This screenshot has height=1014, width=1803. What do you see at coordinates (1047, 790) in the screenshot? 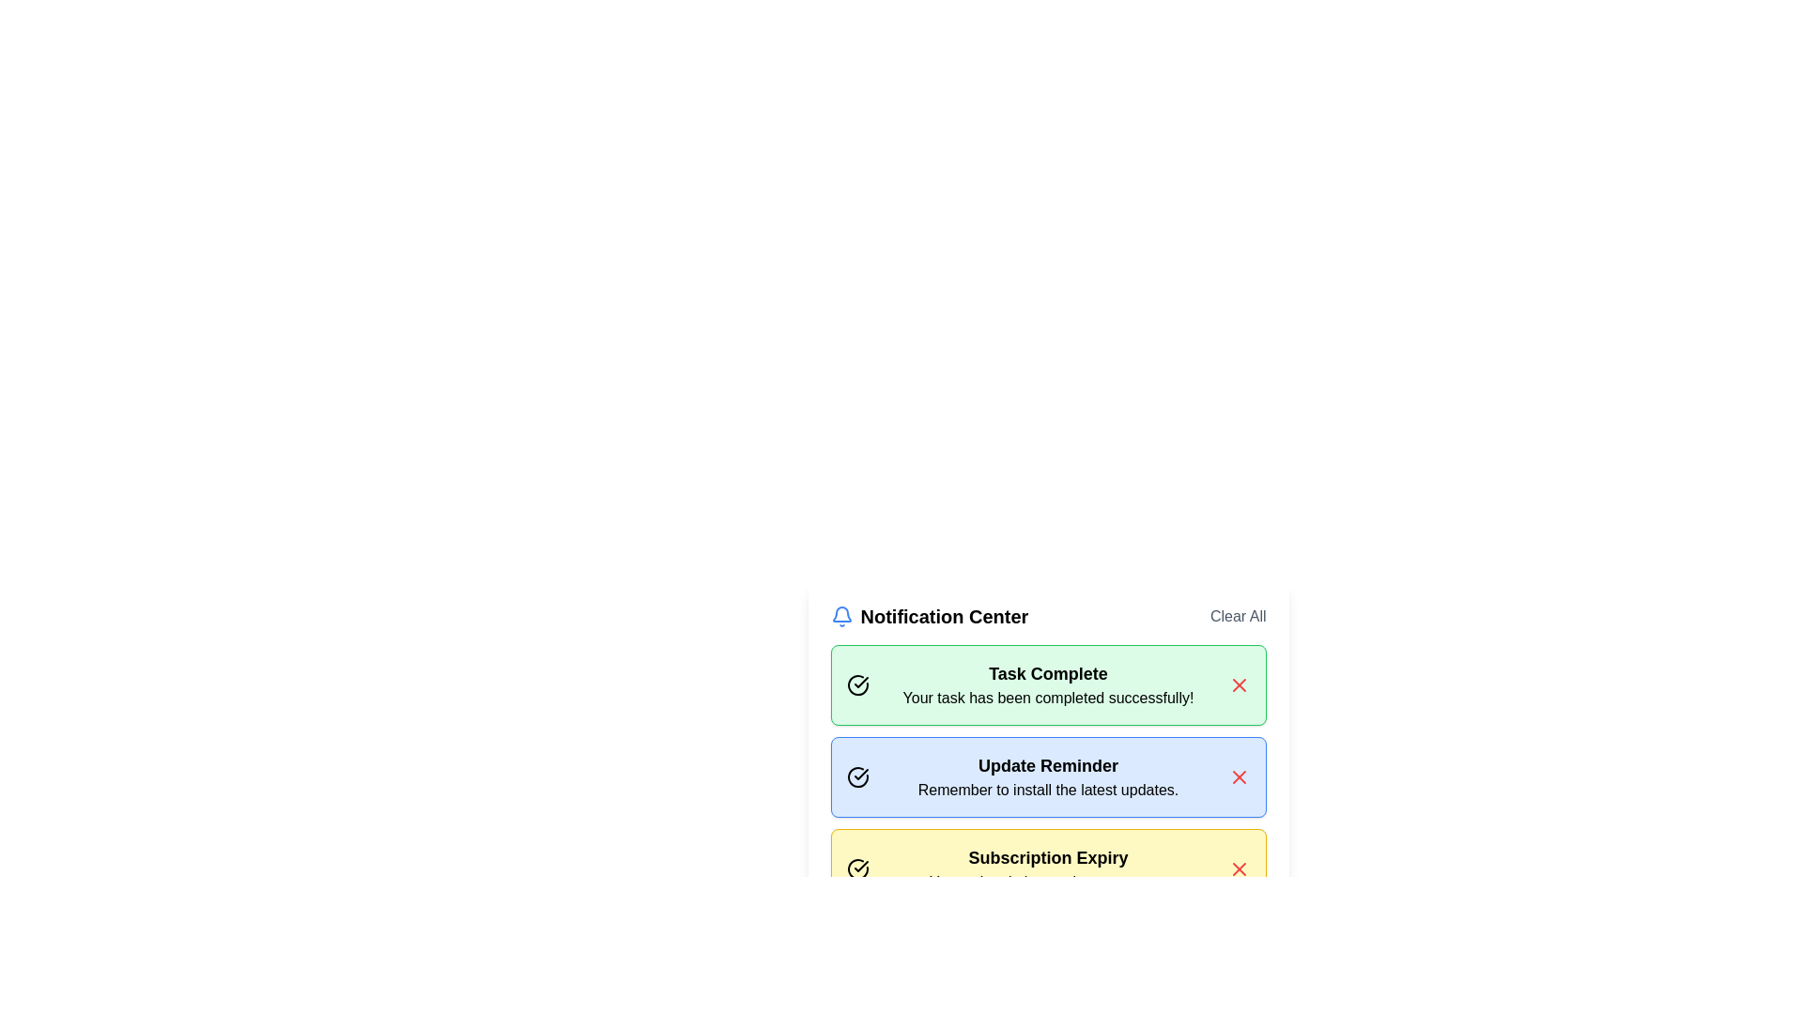
I see `the static text within the 'Update Reminder' card that informs the user about the importance of installing the latest updates` at bounding box center [1047, 790].